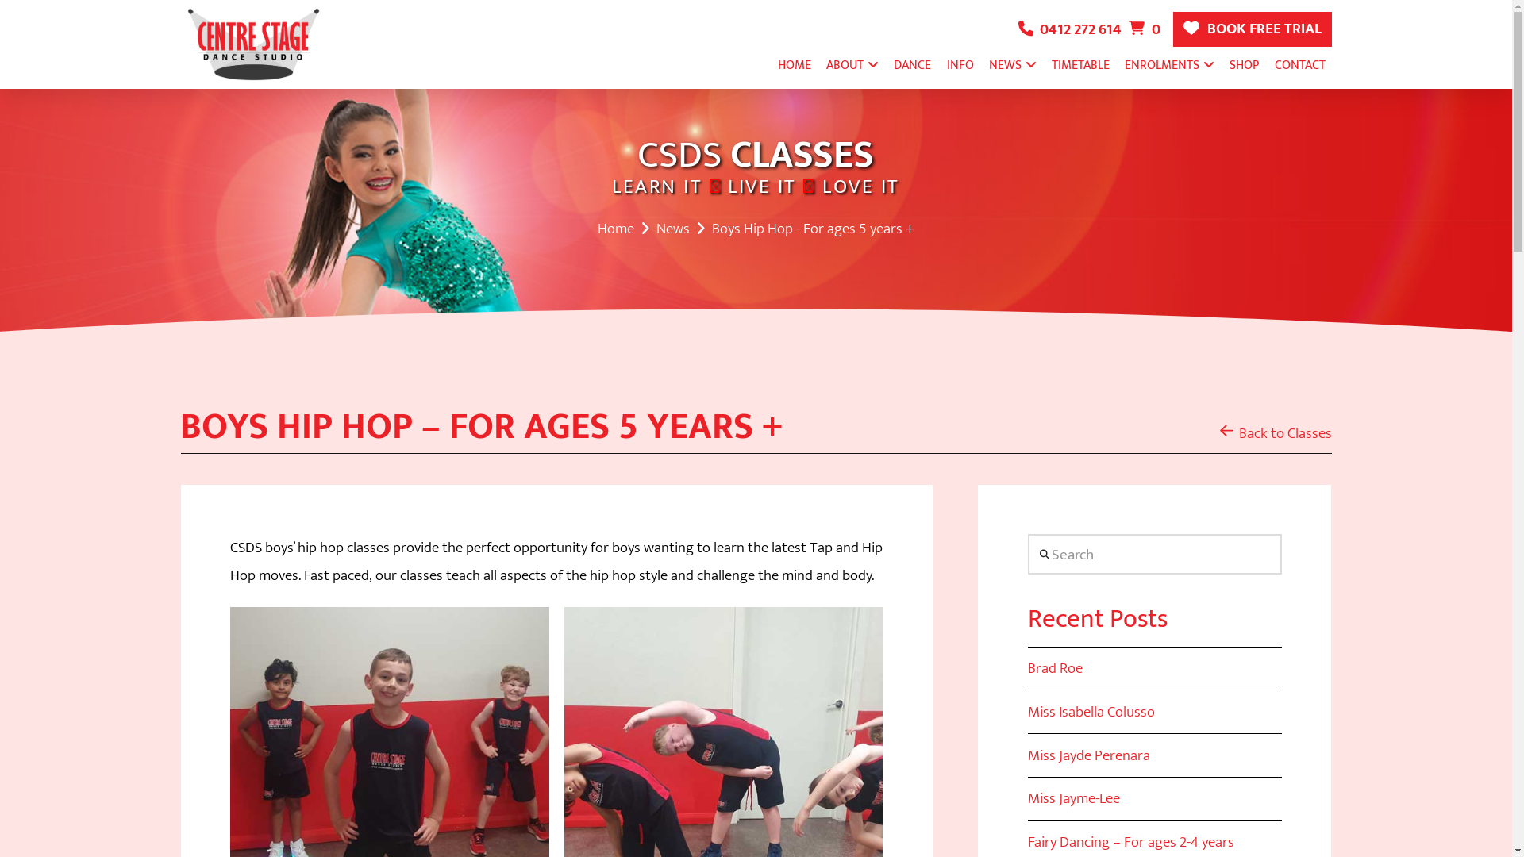  Describe the element at coordinates (887, 63) in the screenshot. I see `'DANCE'` at that location.